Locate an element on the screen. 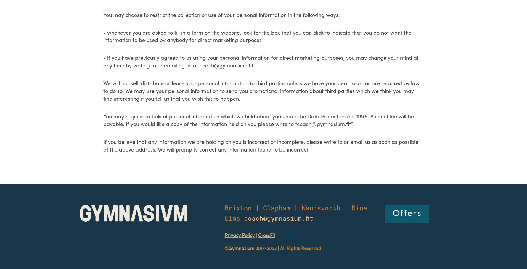  'coach@gymnasium.fit' is located at coordinates (279, 218).